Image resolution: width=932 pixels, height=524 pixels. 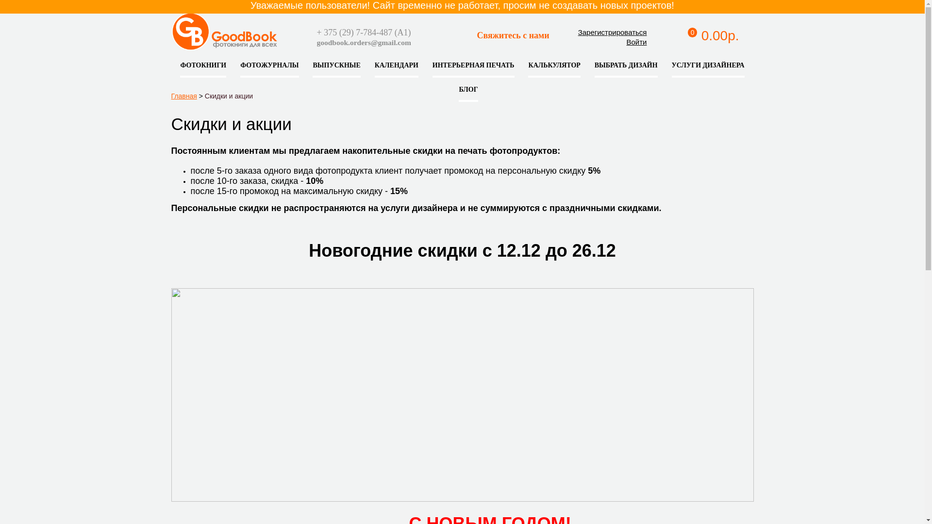 What do you see at coordinates (363, 32) in the screenshot?
I see `'+ 375 (29) 7-784-487 (A1)'` at bounding box center [363, 32].